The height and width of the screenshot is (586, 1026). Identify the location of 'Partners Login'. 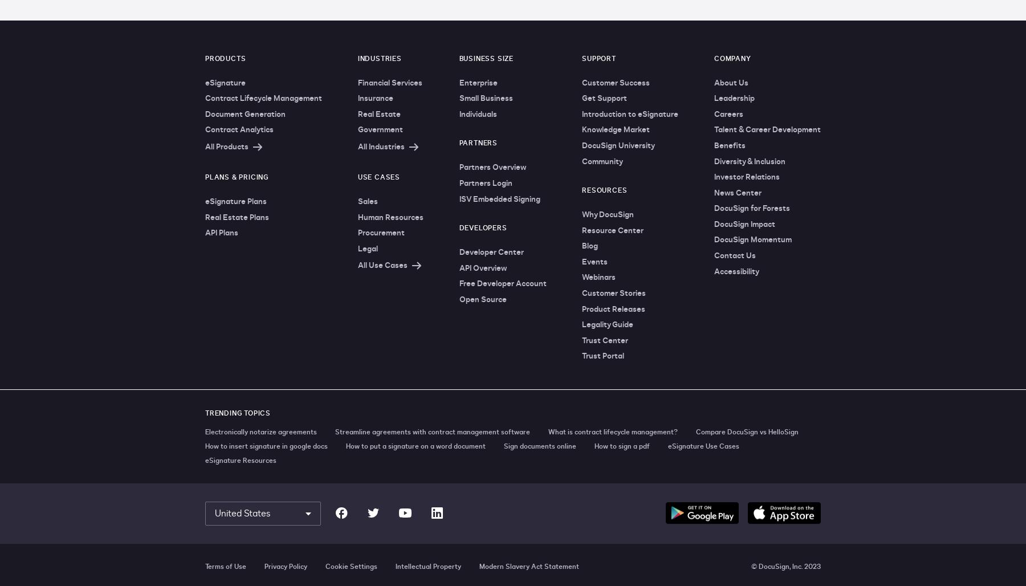
(458, 182).